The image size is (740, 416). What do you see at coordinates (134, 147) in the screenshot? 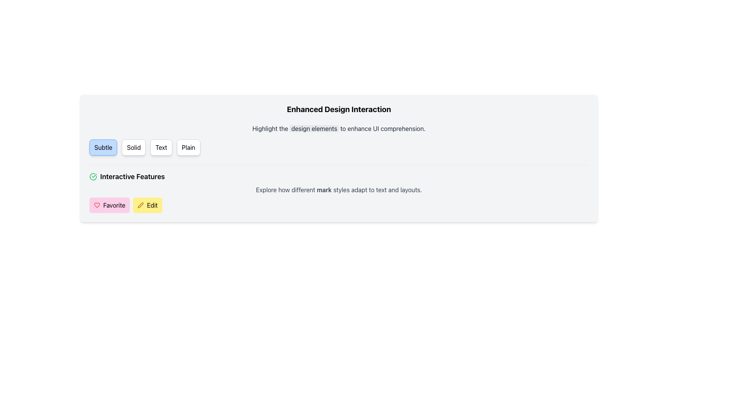
I see `the 'Solid' button, which is the second button in a group of four horizontally aligned buttons labeled 'Subtle', 'Solid', 'Text', and 'Plain'` at bounding box center [134, 147].